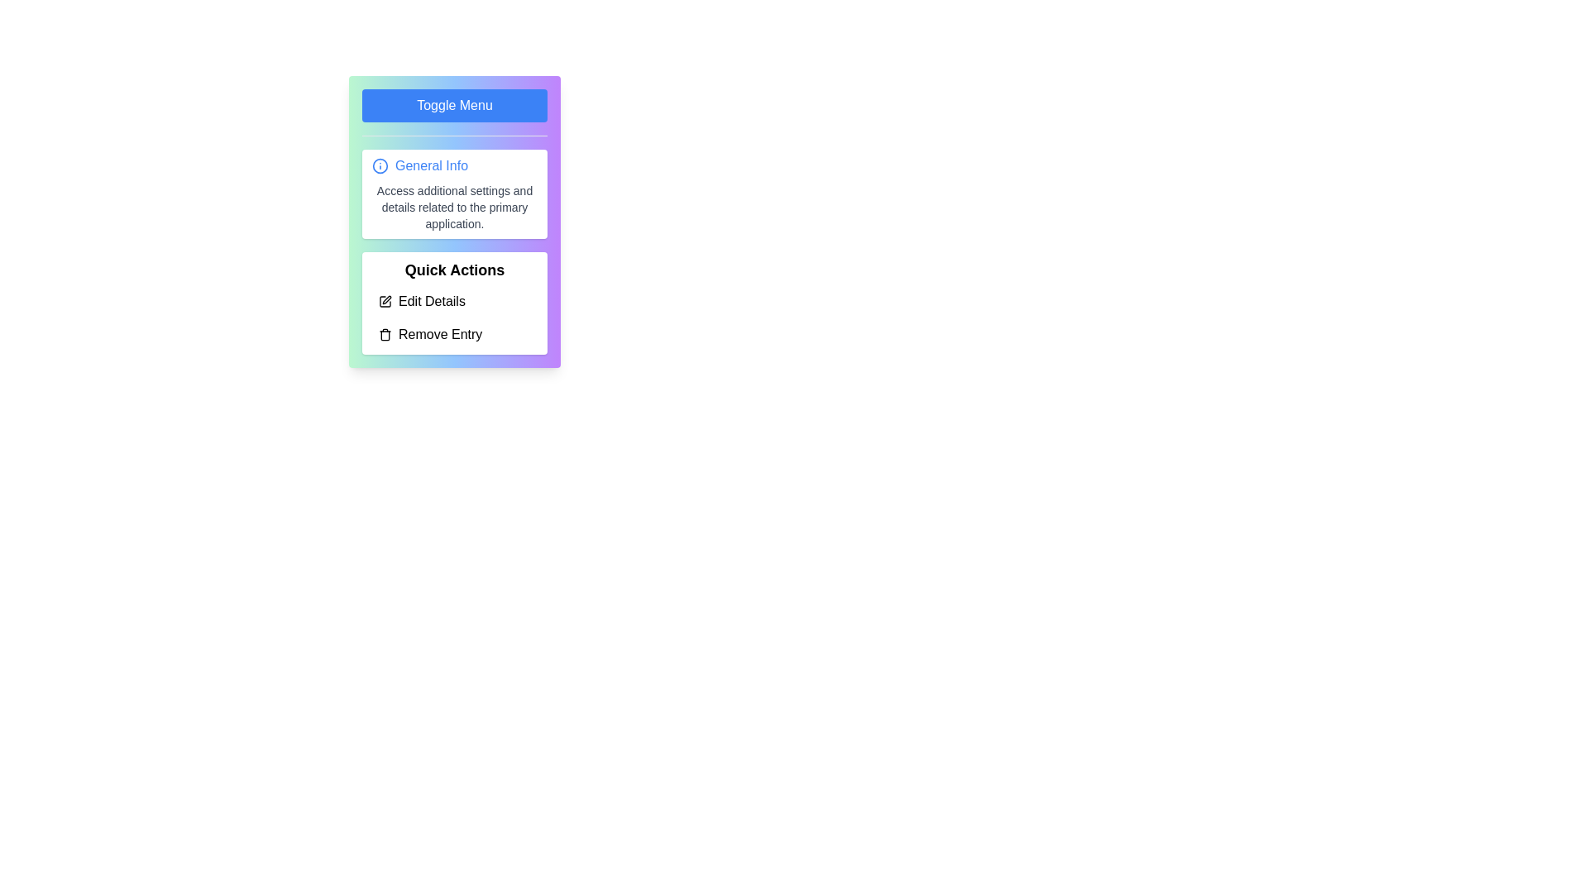 This screenshot has width=1588, height=893. Describe the element at coordinates (455, 165) in the screenshot. I see `the 'General Info' section to view its details` at that location.